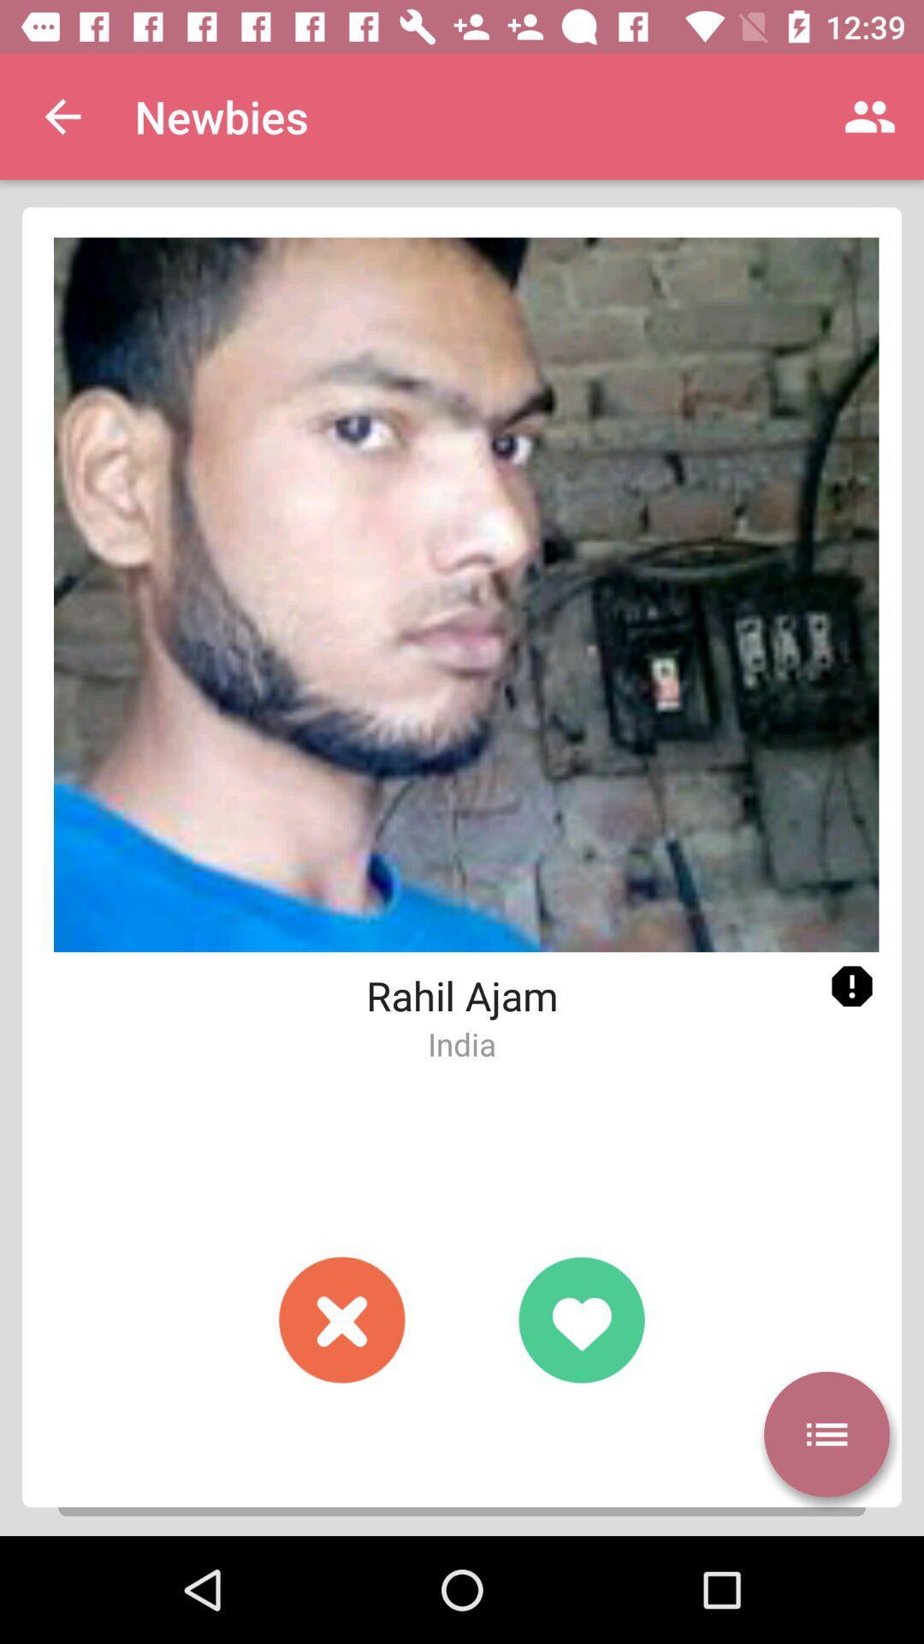 This screenshot has height=1644, width=924. Describe the element at coordinates (342, 1319) in the screenshot. I see `dislike button` at that location.